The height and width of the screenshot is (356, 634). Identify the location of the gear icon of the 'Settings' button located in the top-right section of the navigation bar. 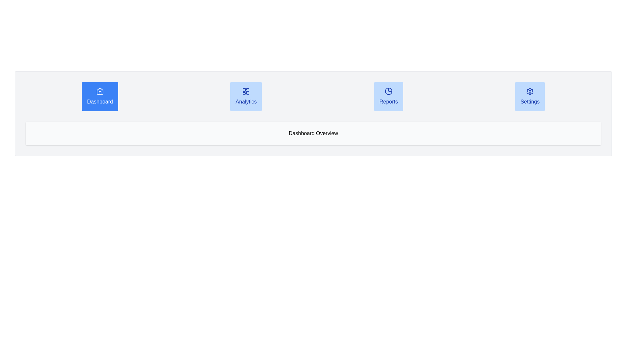
(530, 91).